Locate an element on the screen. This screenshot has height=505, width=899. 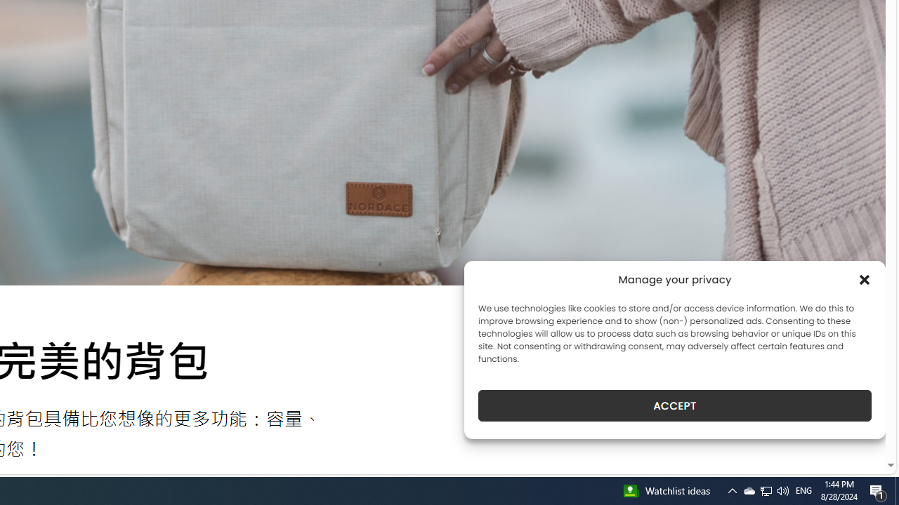
'ACCEPT' is located at coordinates (675, 405).